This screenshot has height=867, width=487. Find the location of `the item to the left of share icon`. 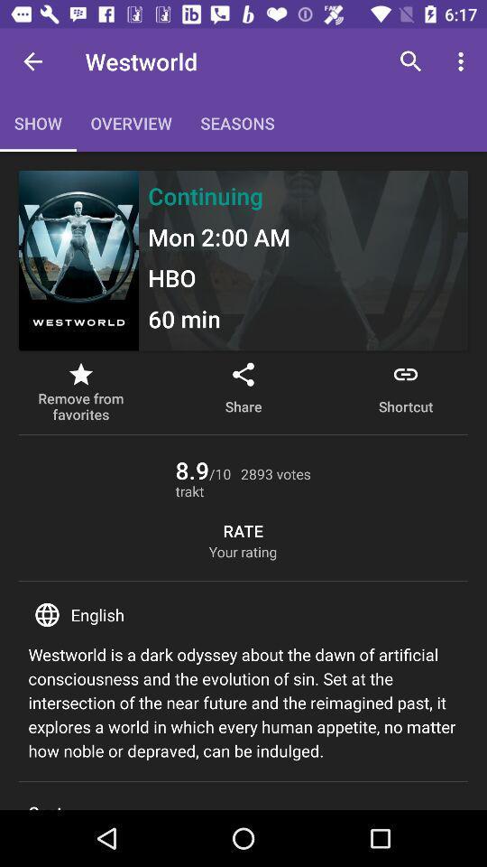

the item to the left of share icon is located at coordinates (80, 392).